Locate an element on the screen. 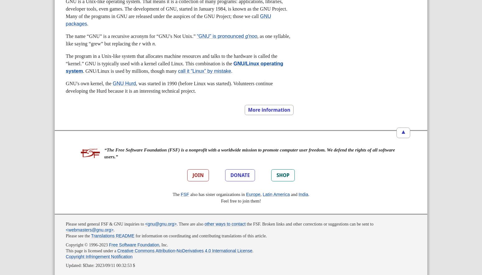  'India' is located at coordinates (303, 194).